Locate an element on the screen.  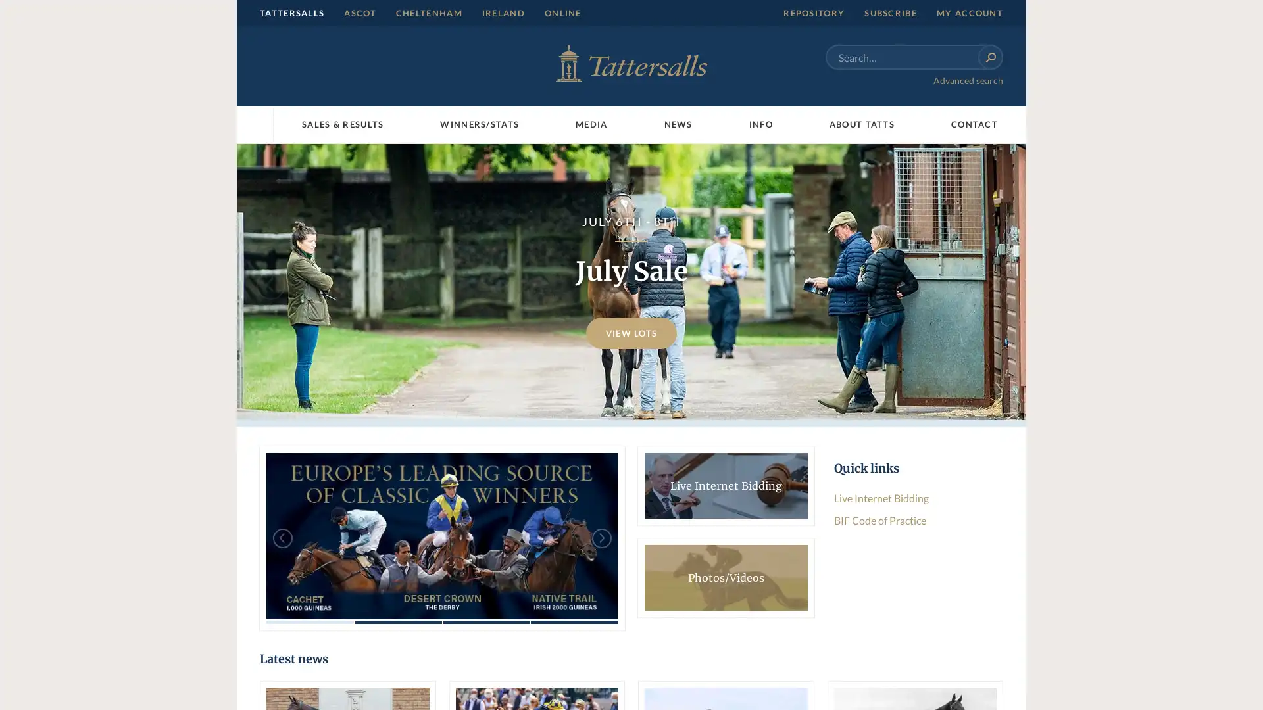
Next is located at coordinates (601, 537).